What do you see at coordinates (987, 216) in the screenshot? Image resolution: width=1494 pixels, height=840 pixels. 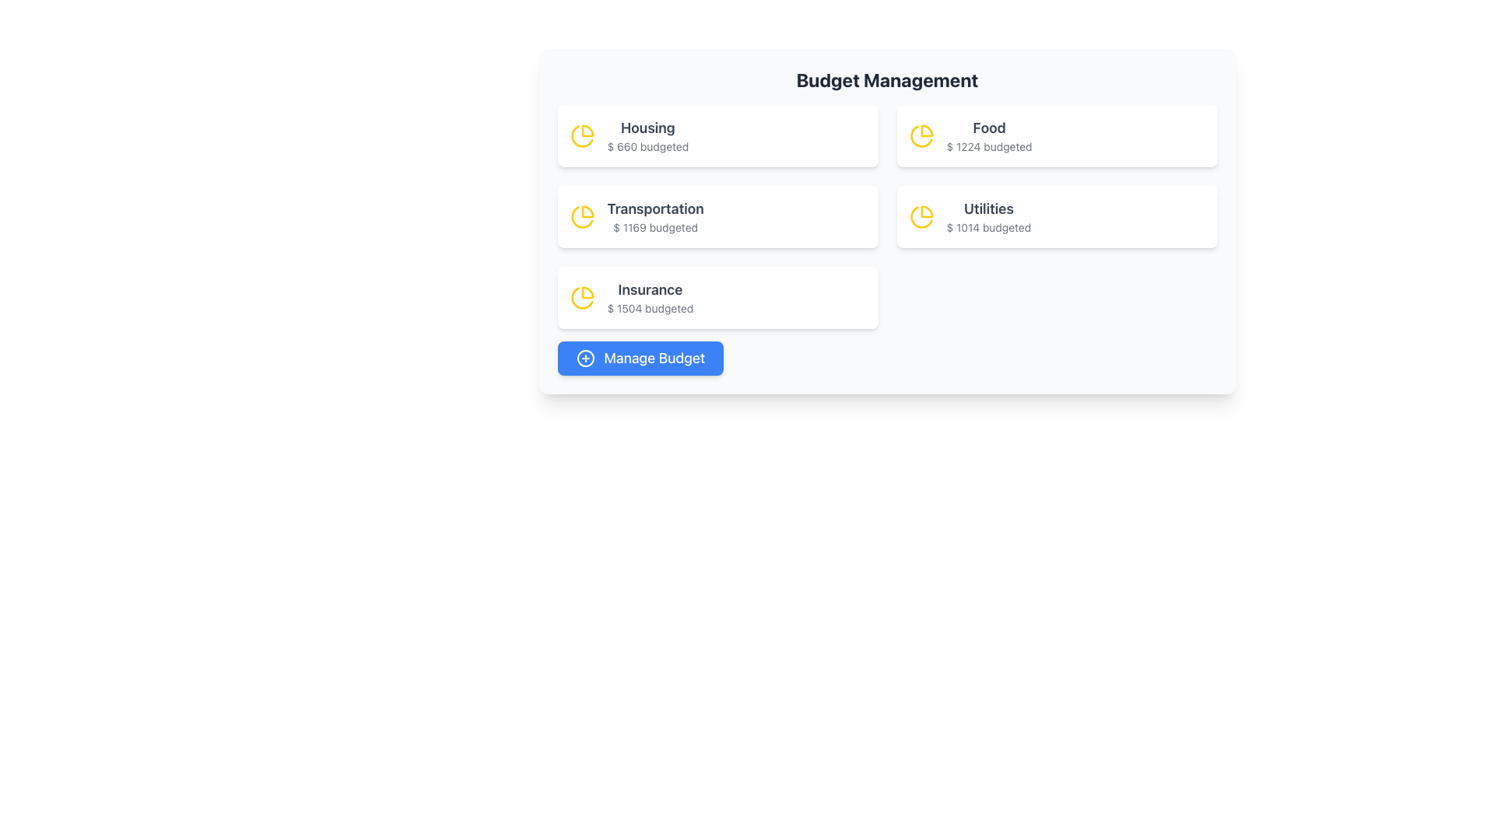 I see `text content displayed in the 'Utilities' budget allocation card, which shows the category title and associated amount` at bounding box center [987, 216].